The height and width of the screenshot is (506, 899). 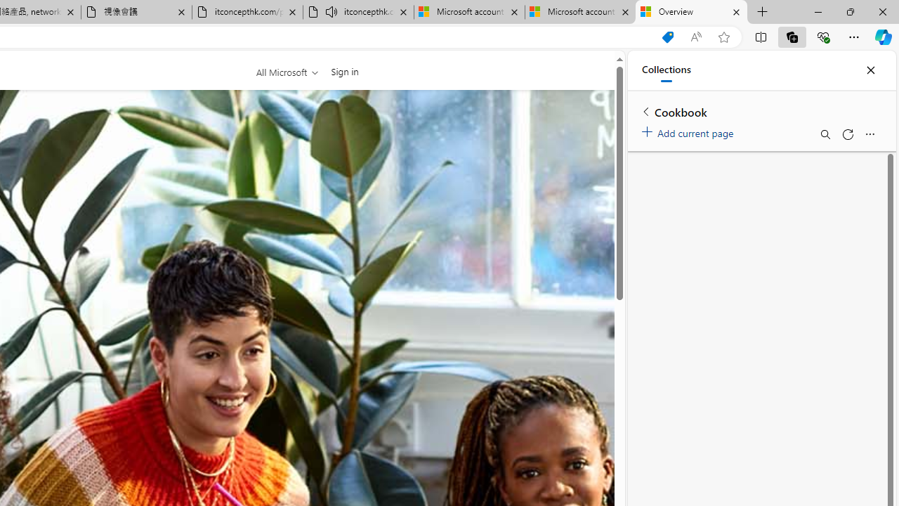 What do you see at coordinates (330, 11) in the screenshot?
I see `'Mute tab'` at bounding box center [330, 11].